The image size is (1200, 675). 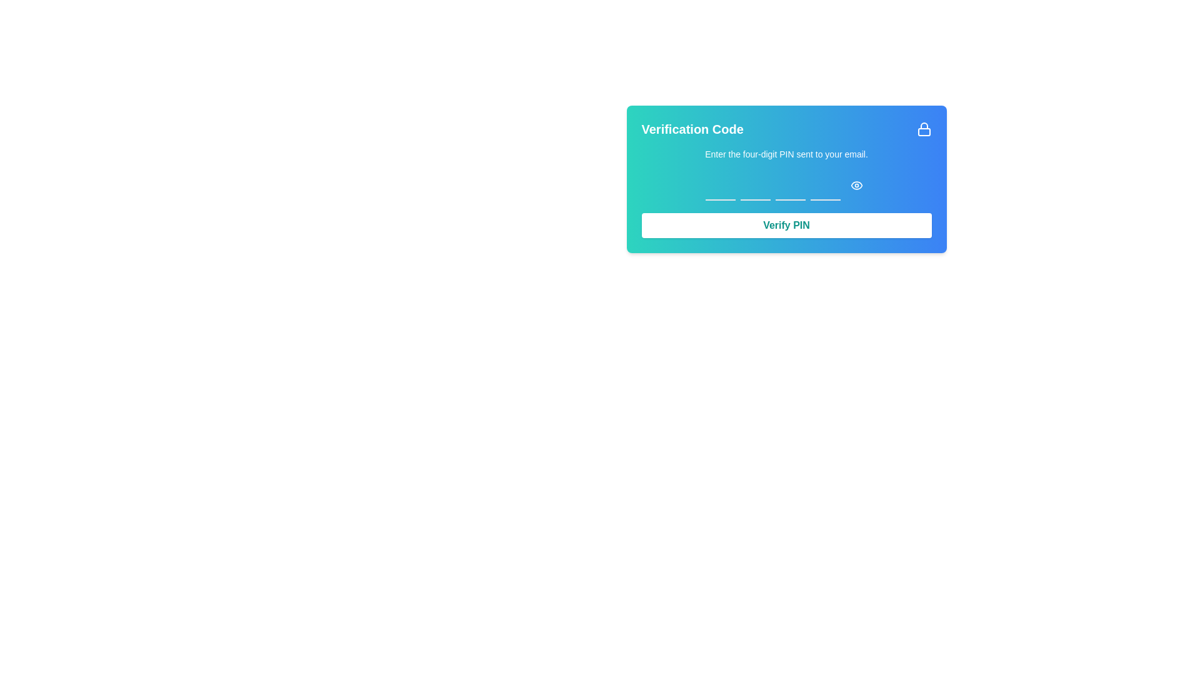 What do you see at coordinates (786, 186) in the screenshot?
I see `the PIN verification input box to focus on it, allowing the user to enter a four-digit code` at bounding box center [786, 186].